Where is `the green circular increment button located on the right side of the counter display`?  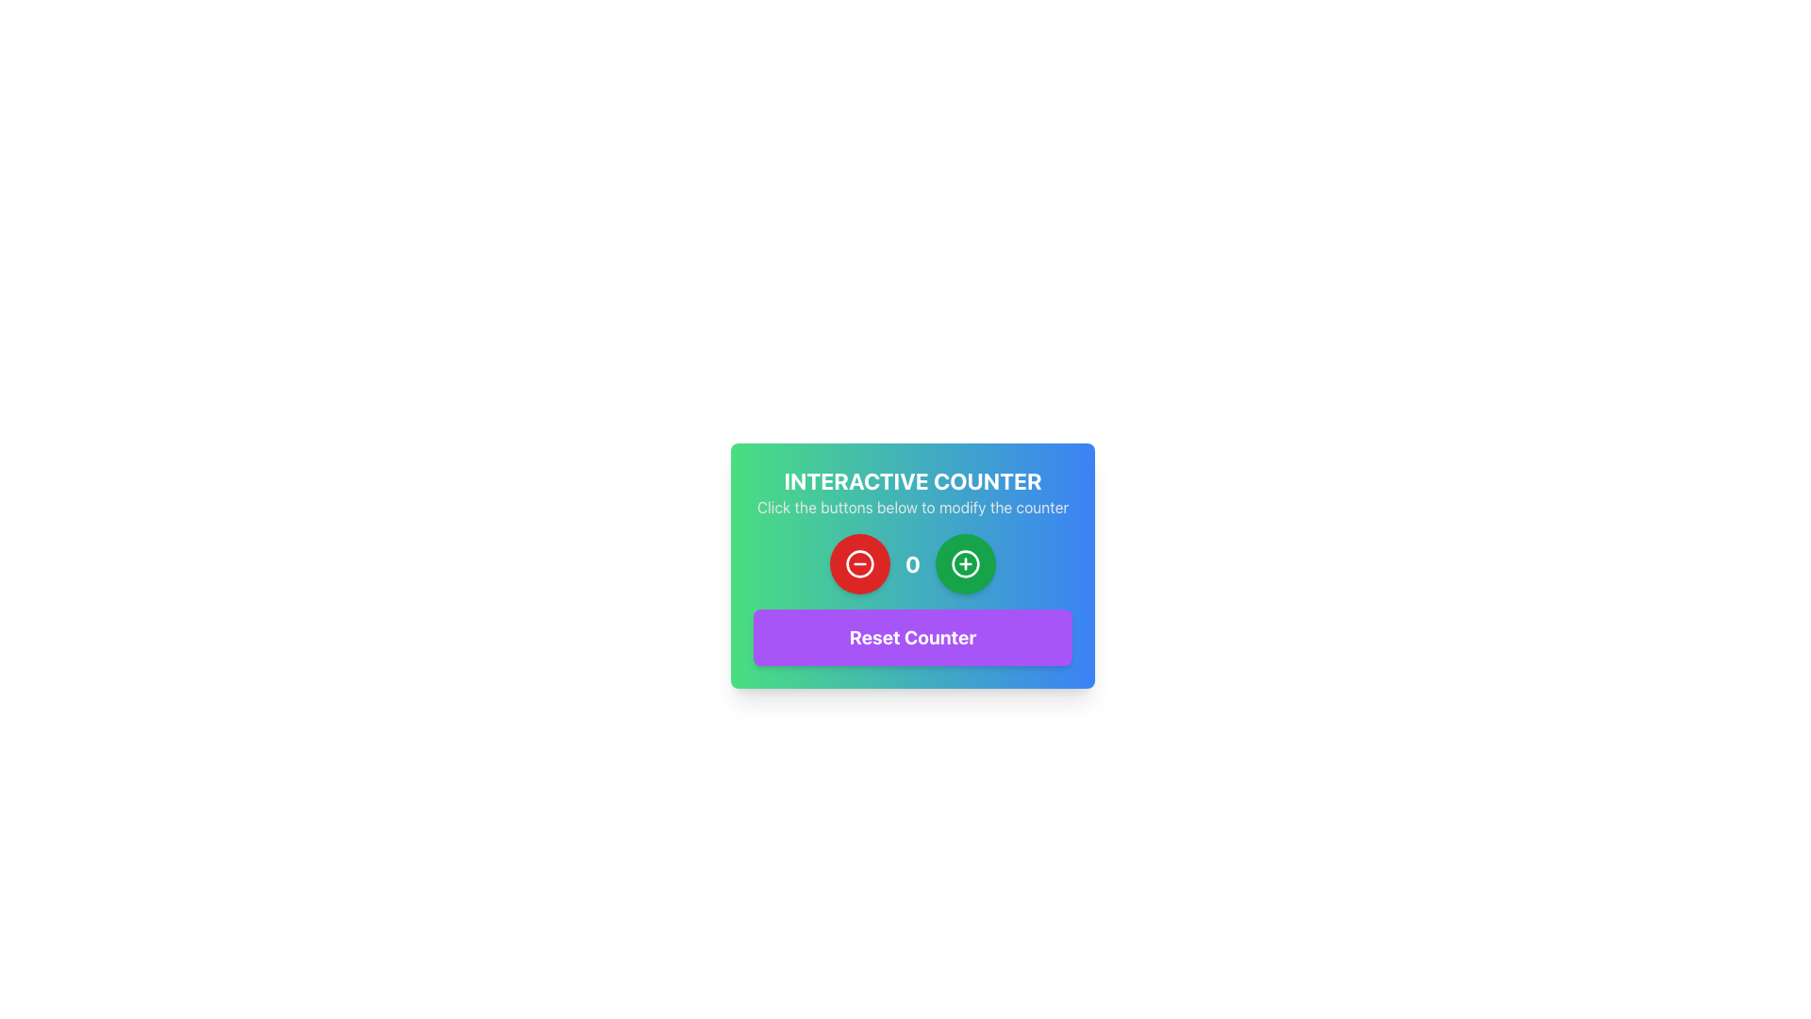 the green circular increment button located on the right side of the counter display is located at coordinates (965, 562).